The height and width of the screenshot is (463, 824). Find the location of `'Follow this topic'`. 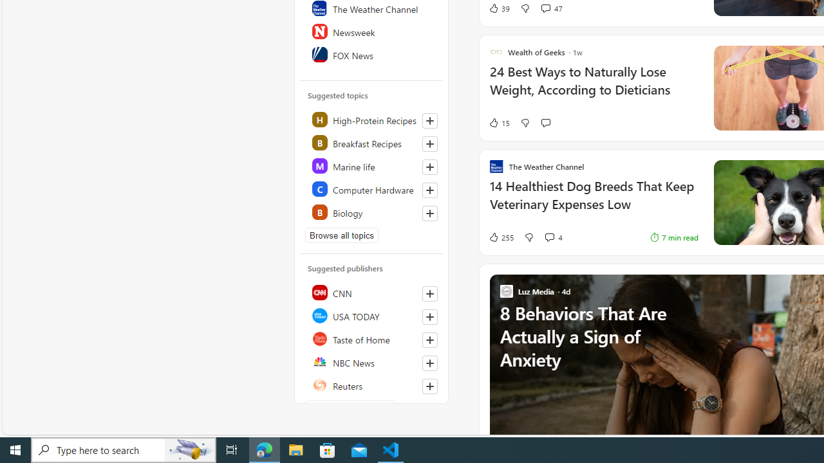

'Follow this topic' is located at coordinates (430, 212).